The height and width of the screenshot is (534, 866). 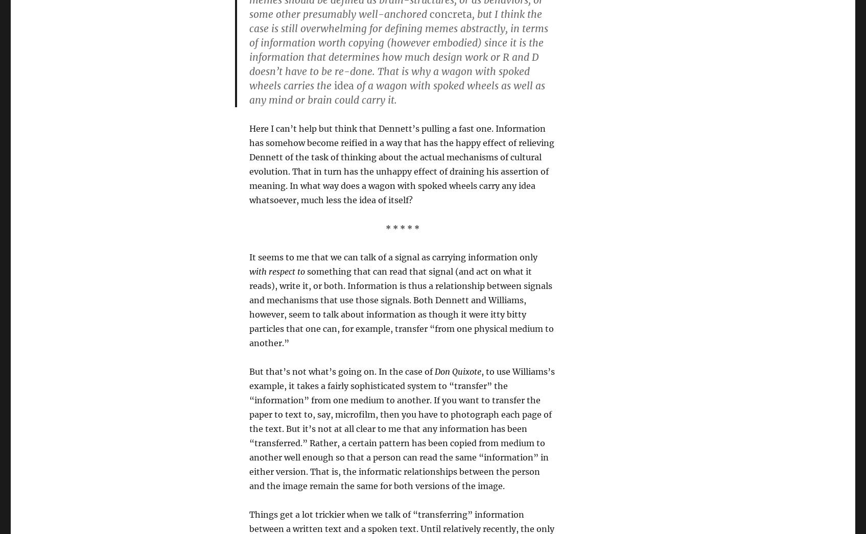 I want to click on 'something that can read that signal (and act on what it reads), write it, or both. Information is thus a relationship between signals and mechanisms that use those signals. Both Dennett and Williams, however, seem to talk about information as though it were itty bitty particles that one can, for example, transfer “from one physical medium to another.”', so click(x=401, y=307).